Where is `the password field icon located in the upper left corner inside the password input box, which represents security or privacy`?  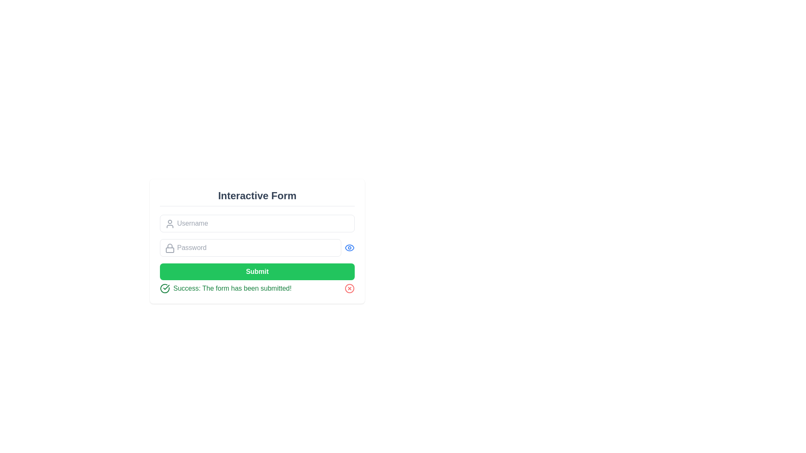 the password field icon located in the upper left corner inside the password input box, which represents security or privacy is located at coordinates (169, 247).